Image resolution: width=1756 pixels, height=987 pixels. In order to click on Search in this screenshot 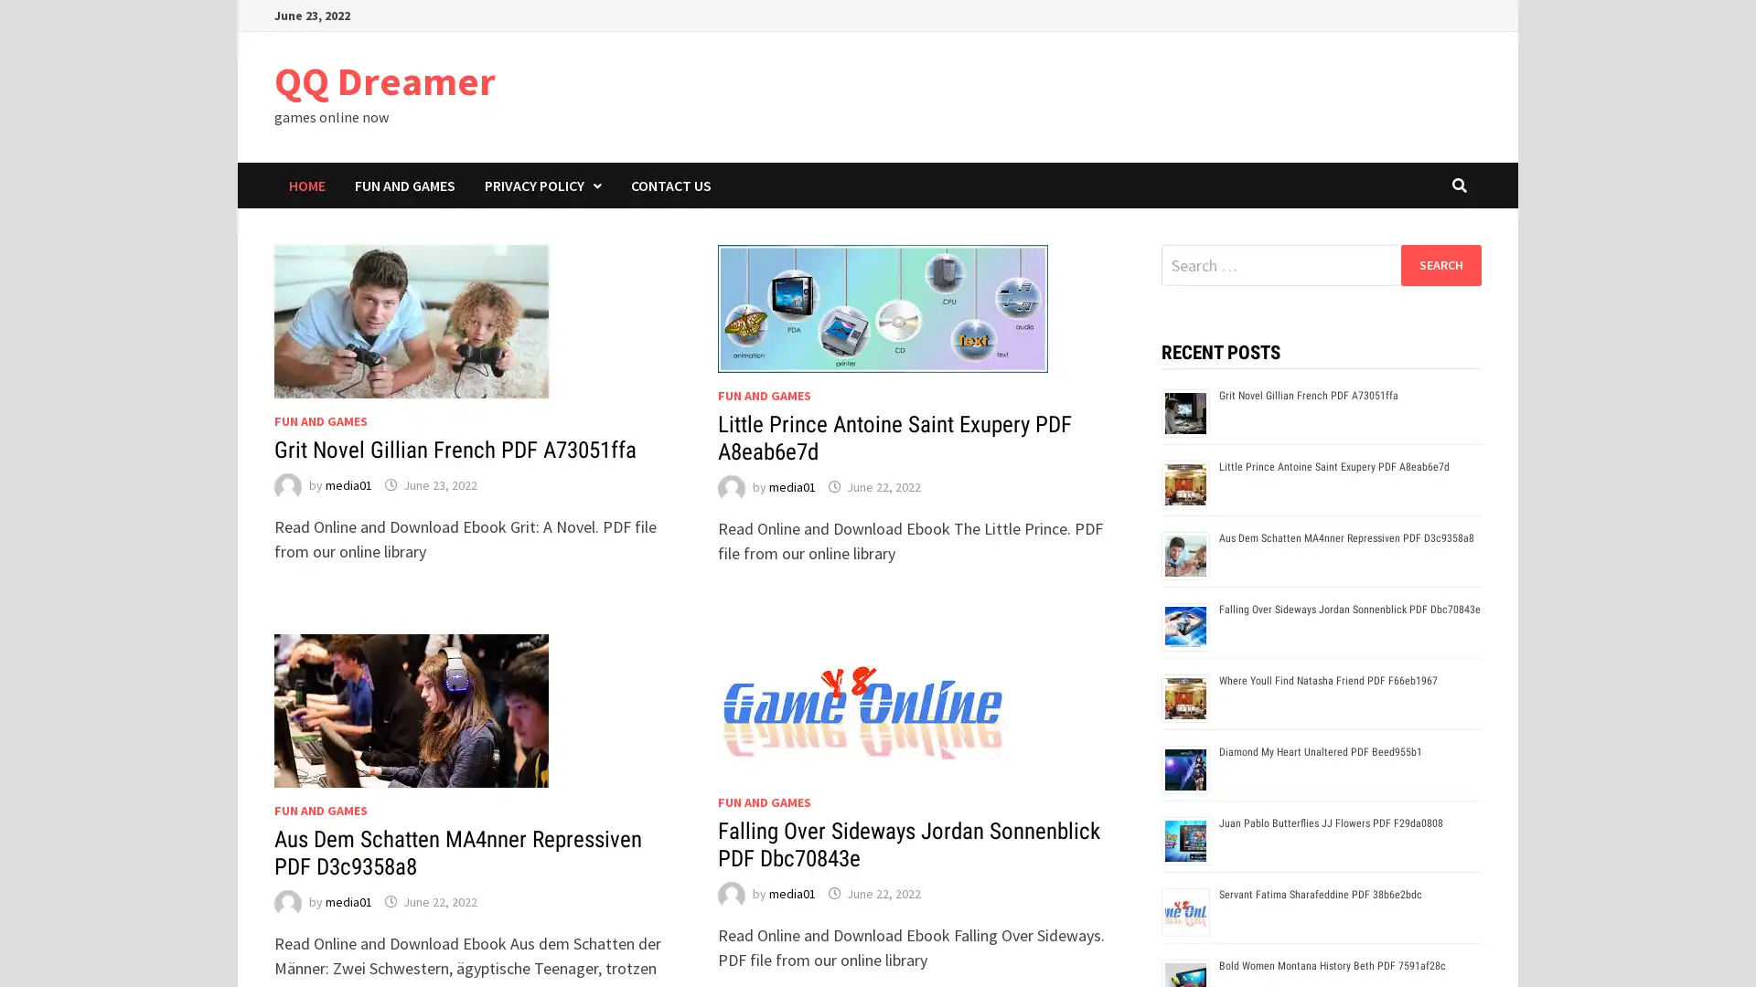, I will do `click(1440, 264)`.